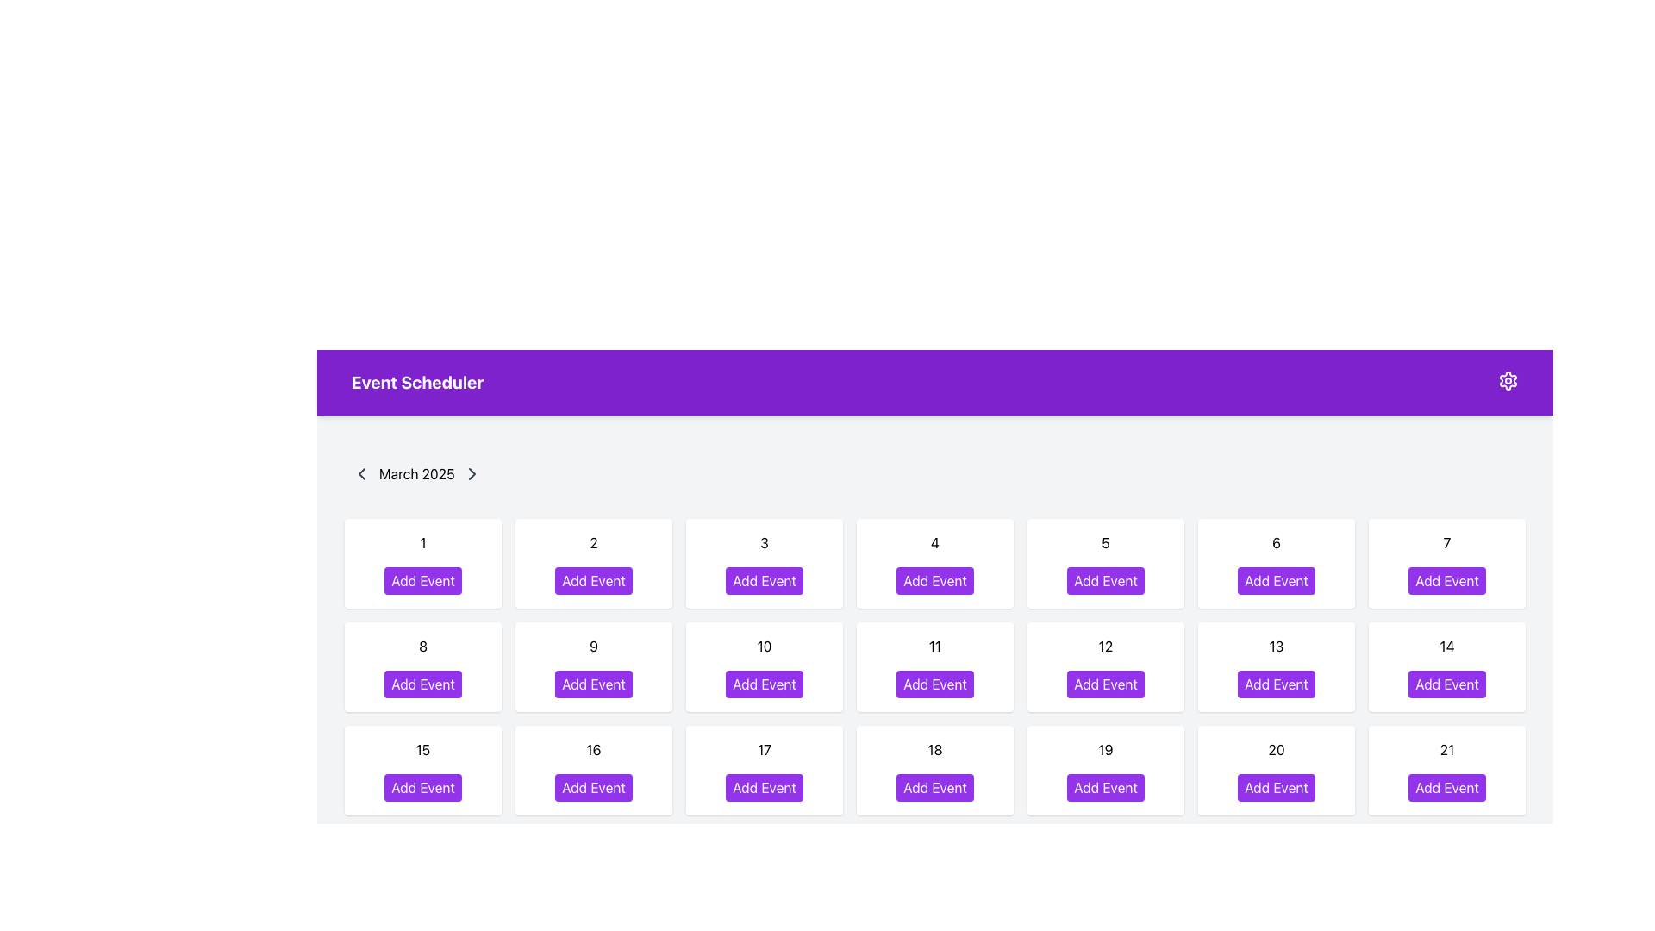 The image size is (1655, 931). I want to click on the 'Add Event' button located in the Interactive calendar day cell containing the number '18' in the third row and fourth column of the grid layout beneath the 'Event Scheduler' header and 'March 2025' label, so click(934, 770).